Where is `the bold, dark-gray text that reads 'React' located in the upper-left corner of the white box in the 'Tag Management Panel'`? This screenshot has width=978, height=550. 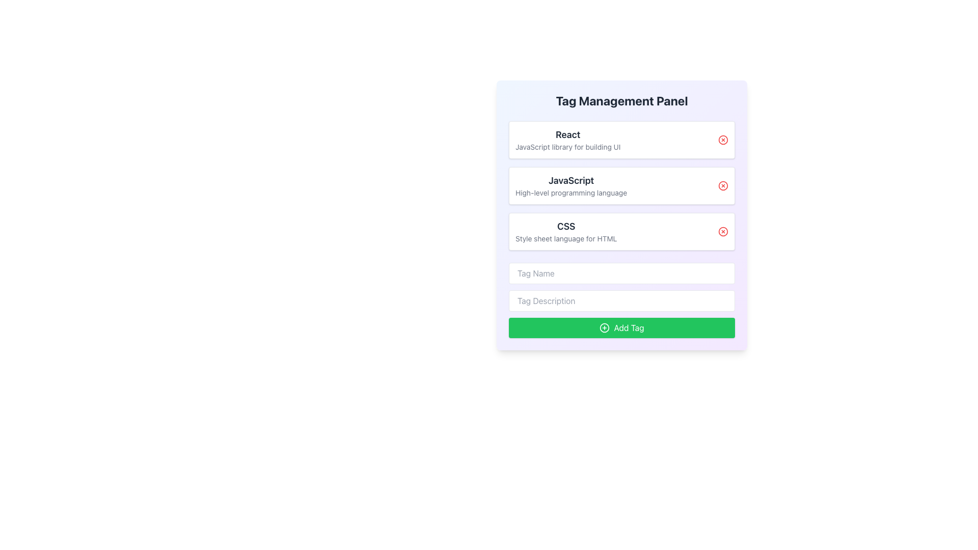
the bold, dark-gray text that reads 'React' located in the upper-left corner of the white box in the 'Tag Management Panel' is located at coordinates (567, 134).